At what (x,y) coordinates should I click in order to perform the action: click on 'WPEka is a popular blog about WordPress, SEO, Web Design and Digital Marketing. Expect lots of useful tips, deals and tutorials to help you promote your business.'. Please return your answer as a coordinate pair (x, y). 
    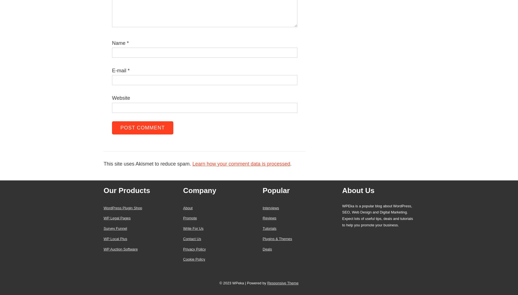
    Looking at the image, I should click on (377, 215).